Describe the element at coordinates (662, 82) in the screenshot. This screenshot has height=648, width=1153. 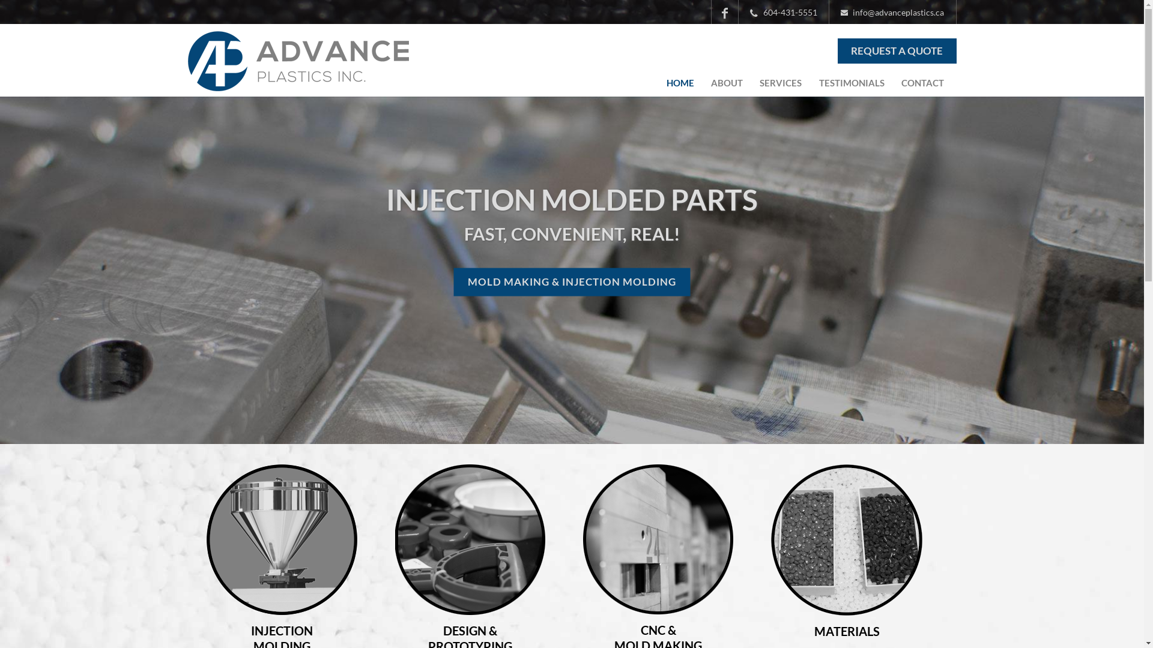
I see `'HOME'` at that location.